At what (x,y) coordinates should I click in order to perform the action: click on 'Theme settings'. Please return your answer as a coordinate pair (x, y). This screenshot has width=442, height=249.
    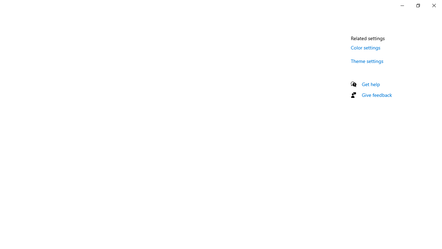
    Looking at the image, I should click on (367, 61).